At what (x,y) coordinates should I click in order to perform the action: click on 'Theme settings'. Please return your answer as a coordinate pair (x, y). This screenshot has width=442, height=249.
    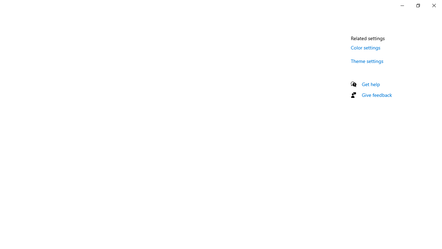
    Looking at the image, I should click on (367, 61).